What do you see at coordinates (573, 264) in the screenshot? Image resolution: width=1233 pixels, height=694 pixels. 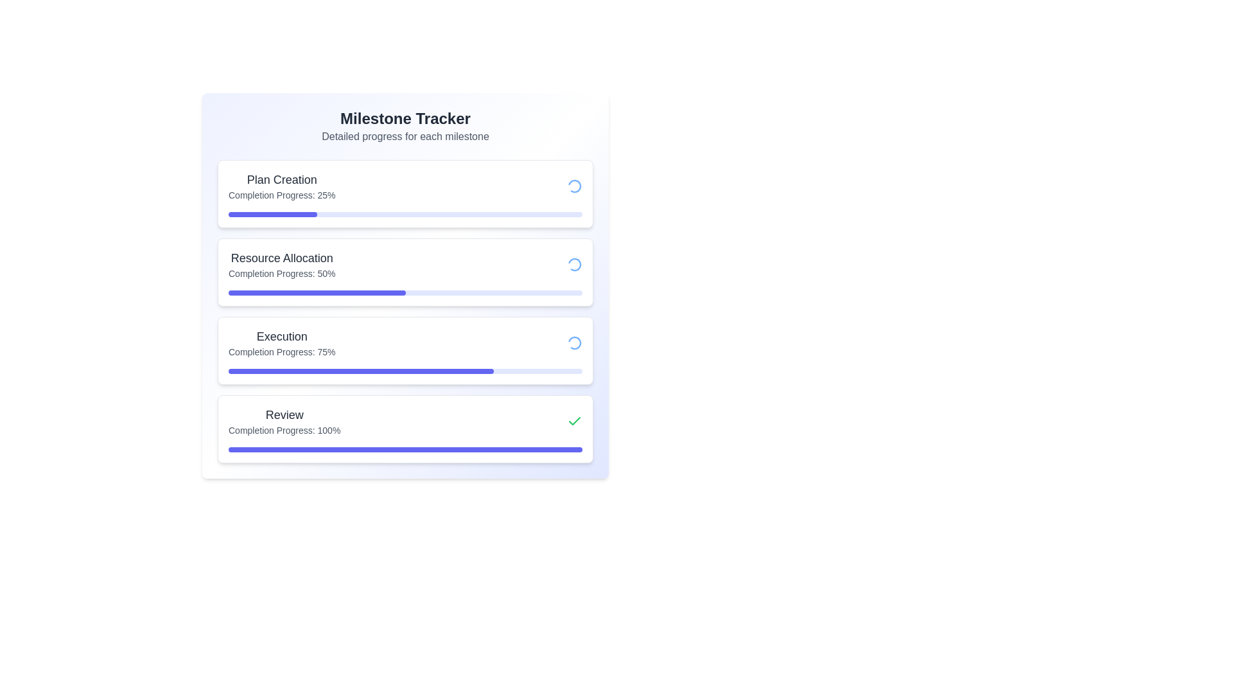 I see `the spinning animation of the loader icon with a blue outline located in the 'Resource Allocation' section of the milestone tracker interface` at bounding box center [573, 264].